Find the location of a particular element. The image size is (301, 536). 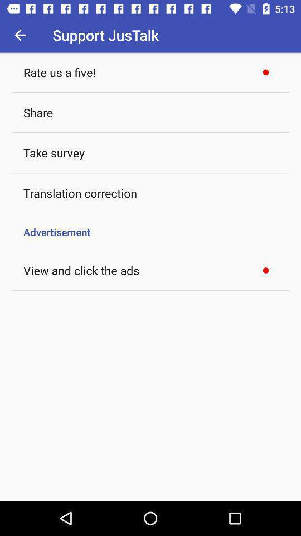

icon next to the support justalk icon is located at coordinates (20, 35).